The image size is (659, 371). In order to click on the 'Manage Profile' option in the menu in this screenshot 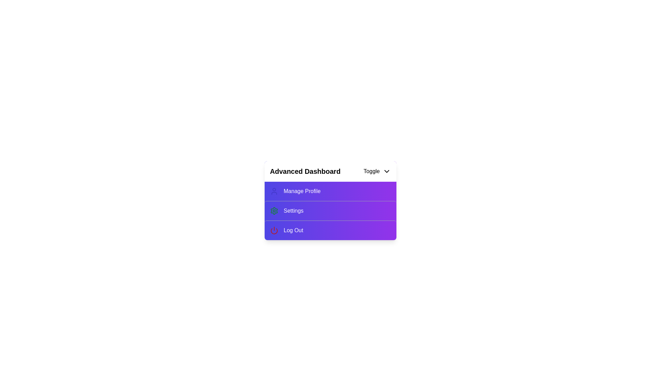, I will do `click(330, 191)`.